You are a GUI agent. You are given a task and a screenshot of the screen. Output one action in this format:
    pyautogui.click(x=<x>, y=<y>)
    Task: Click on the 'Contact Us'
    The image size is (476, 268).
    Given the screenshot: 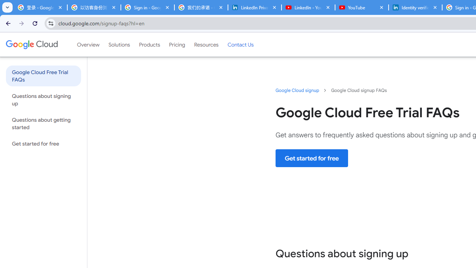 What is the action you would take?
    pyautogui.click(x=241, y=44)
    